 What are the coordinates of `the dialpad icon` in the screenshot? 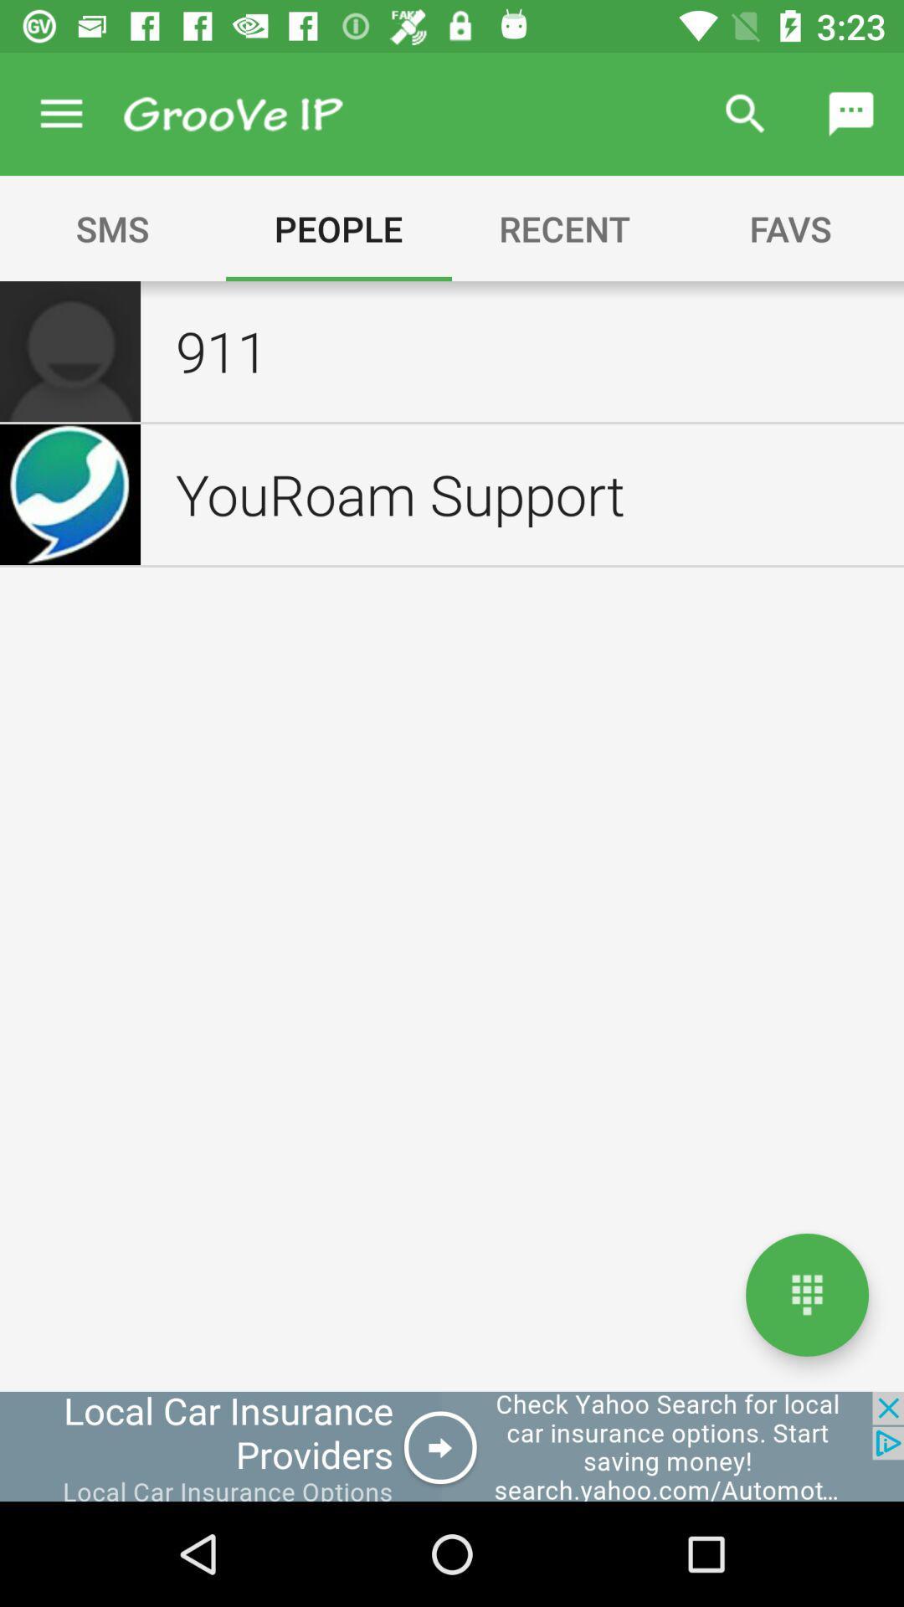 It's located at (806, 1294).